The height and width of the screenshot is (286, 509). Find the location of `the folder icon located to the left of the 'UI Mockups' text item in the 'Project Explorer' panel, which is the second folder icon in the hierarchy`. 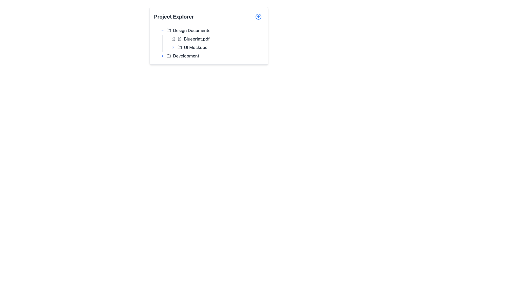

the folder icon located to the left of the 'UI Mockups' text item in the 'Project Explorer' panel, which is the second folder icon in the hierarchy is located at coordinates (179, 47).